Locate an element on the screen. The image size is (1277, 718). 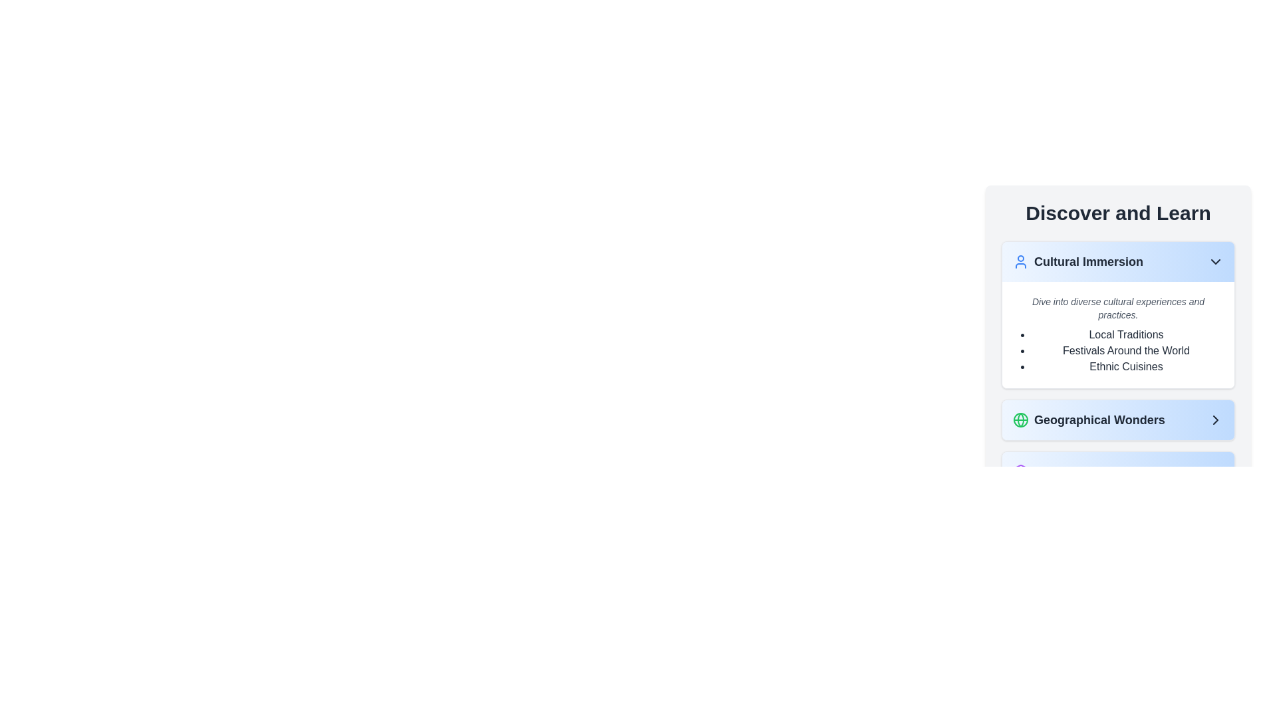
the Button styled as a navigation link located in the second row under the 'Discover and Learn' card to provide visual feedback is located at coordinates (1117, 420).